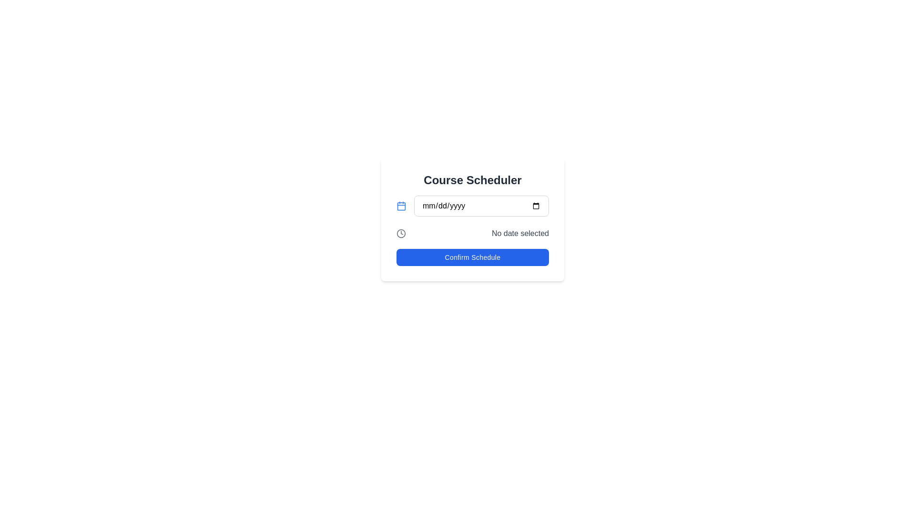 The height and width of the screenshot is (514, 915). What do you see at coordinates (401, 206) in the screenshot?
I see `the rounded rectangle within the calendar icon that contributes to the date selection widget, located left of the 'mm/dd/yyyy' text box` at bounding box center [401, 206].